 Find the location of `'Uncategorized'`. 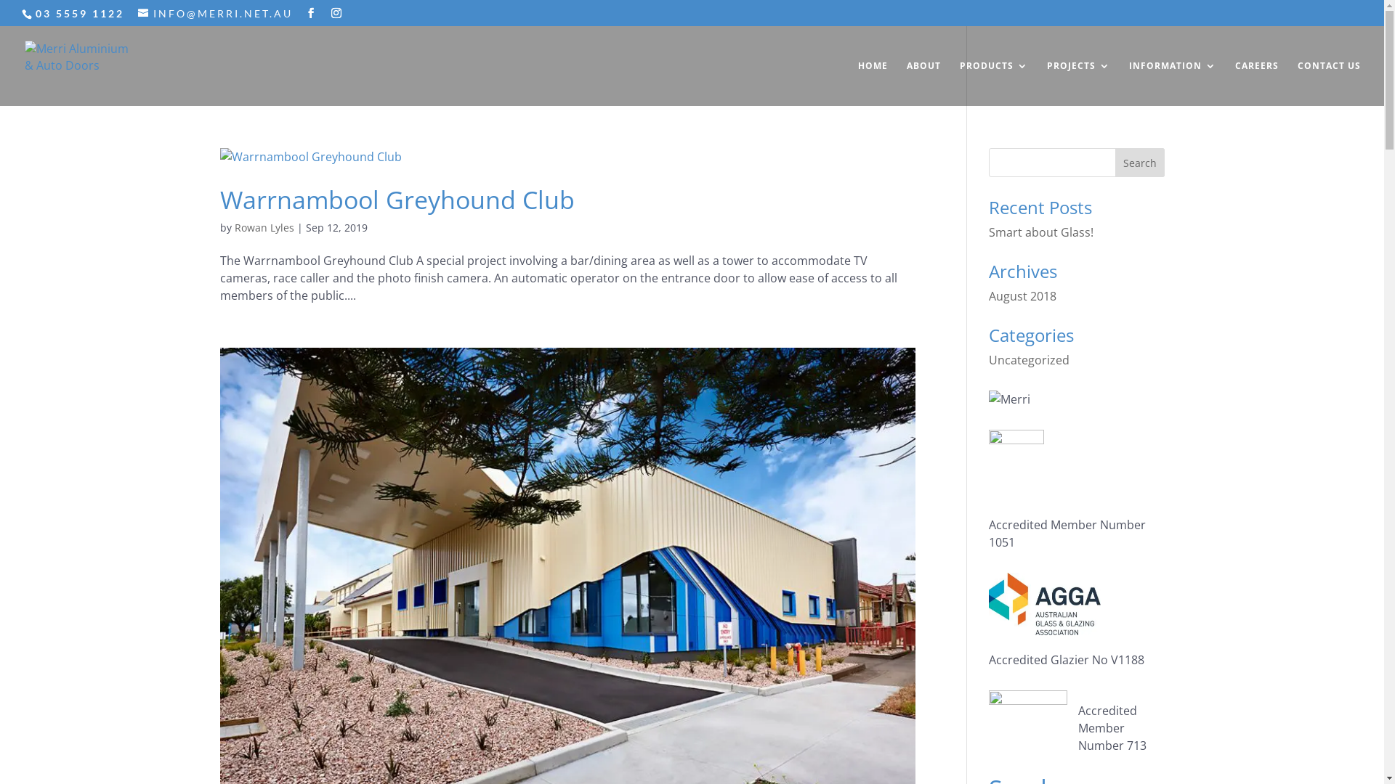

'Uncategorized' is located at coordinates (1028, 359).